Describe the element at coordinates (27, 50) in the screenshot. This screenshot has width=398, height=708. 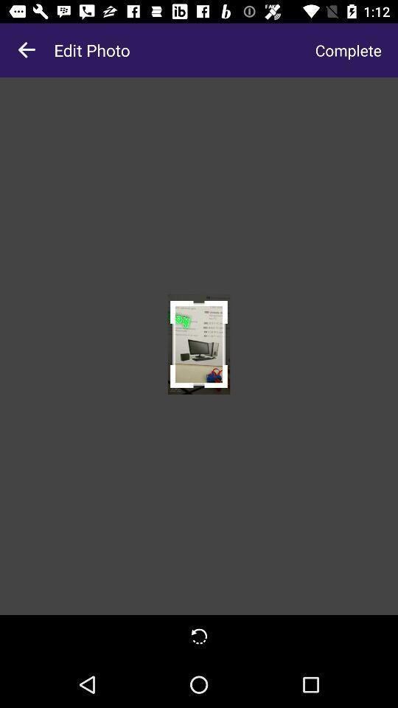
I see `the arrow_backward icon` at that location.